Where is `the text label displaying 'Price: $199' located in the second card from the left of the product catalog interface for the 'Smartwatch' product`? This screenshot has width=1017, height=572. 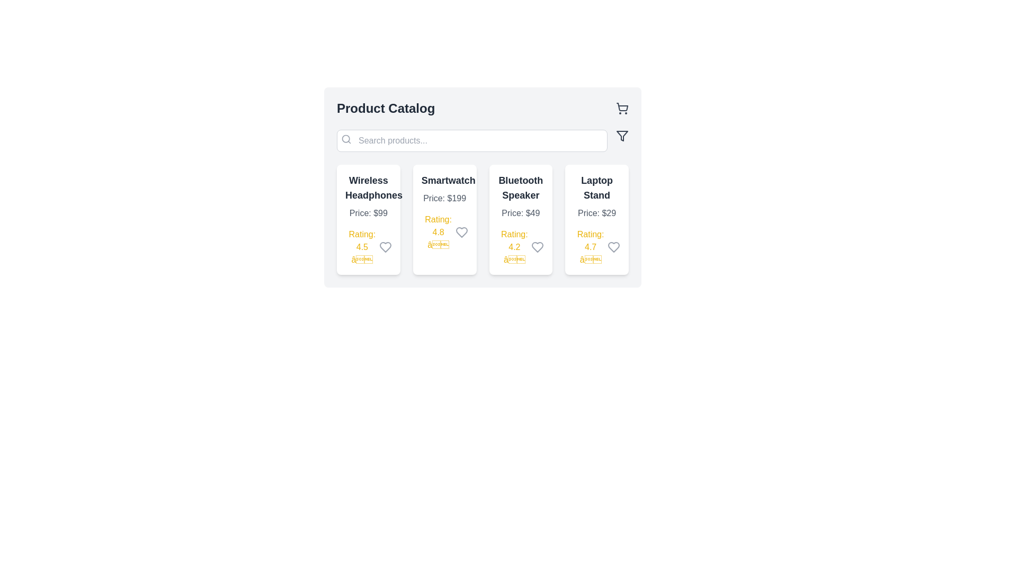 the text label displaying 'Price: $199' located in the second card from the left of the product catalog interface for the 'Smartwatch' product is located at coordinates (444, 198).